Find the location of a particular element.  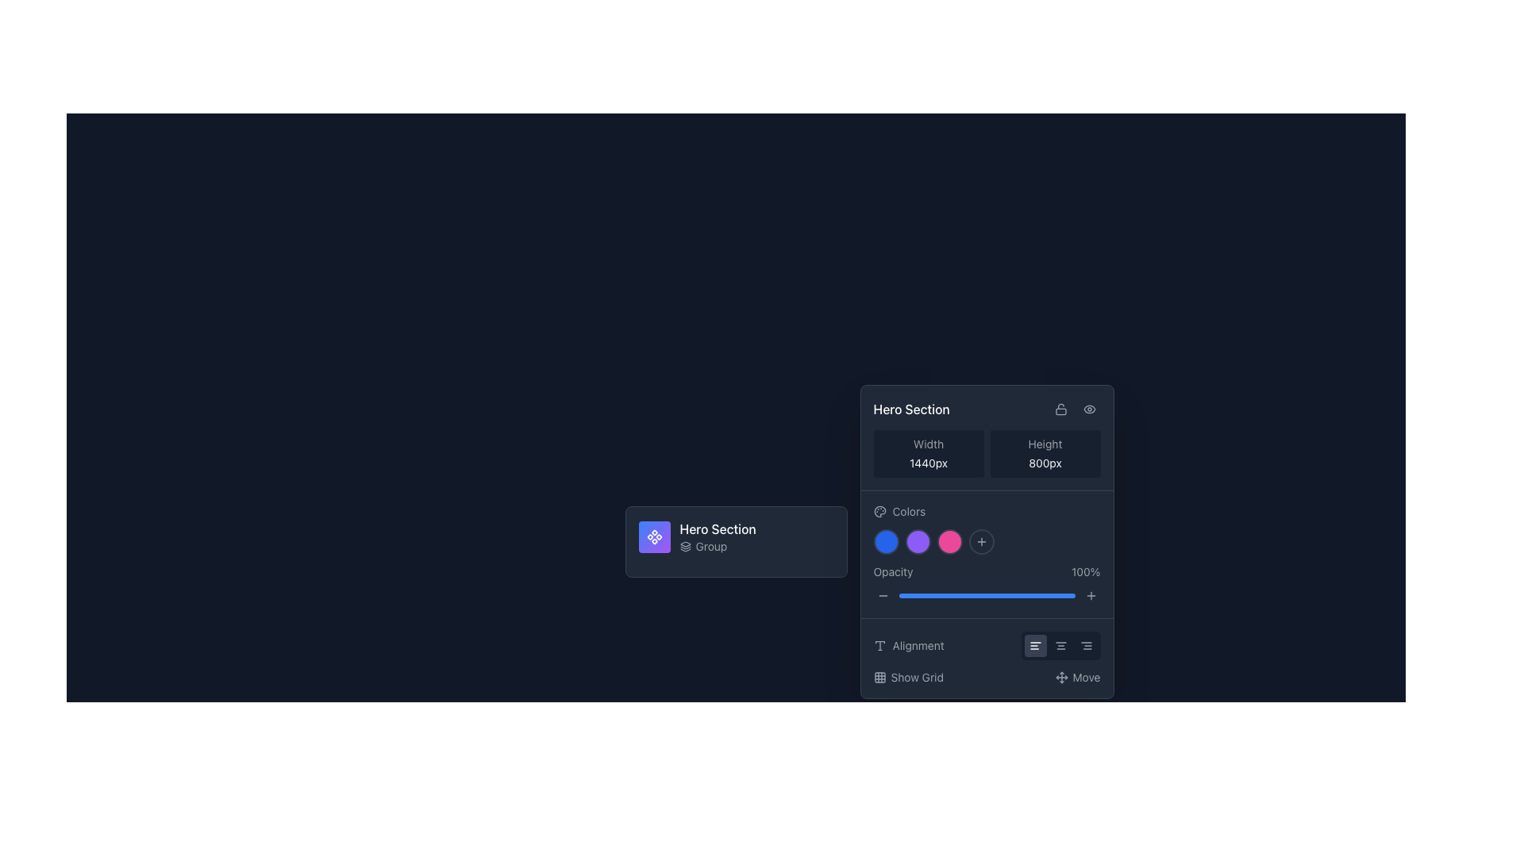

the text alignment icon located in the bottom right section of the interface, inside the 'Hero Section' panel is located at coordinates (879, 645).